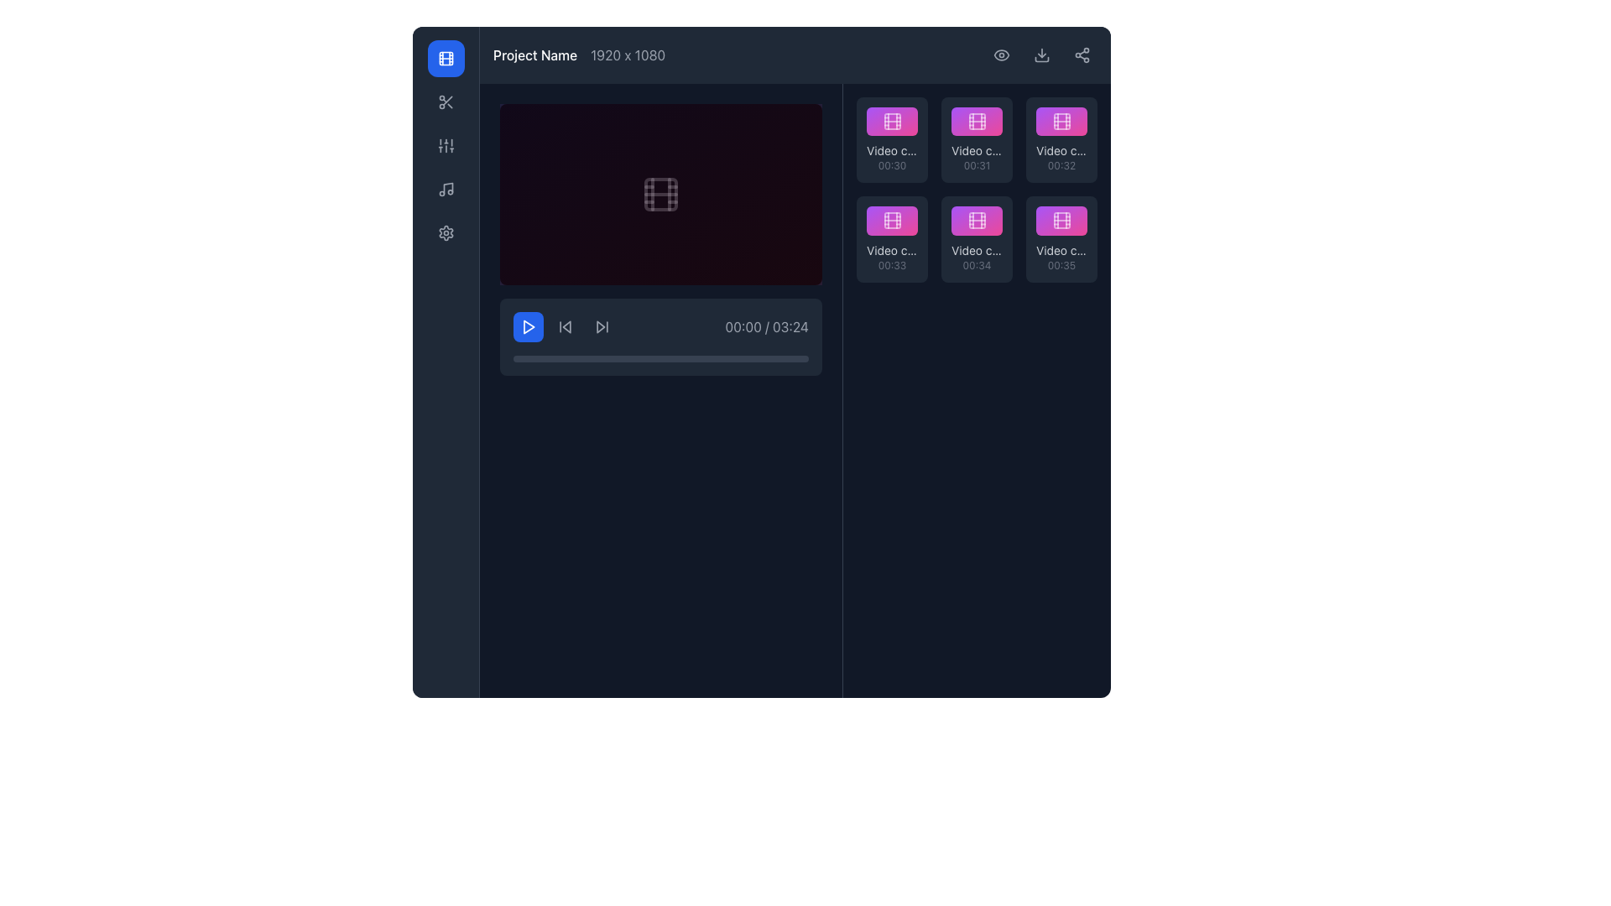 This screenshot has height=906, width=1611. What do you see at coordinates (977, 220) in the screenshot?
I see `the appearance of the inner rectangle of the icon located on the right-hand side of the interface` at bounding box center [977, 220].